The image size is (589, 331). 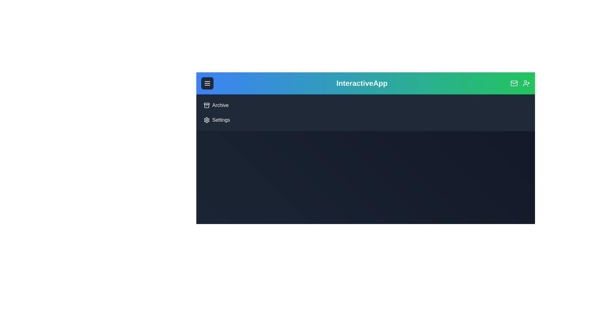 What do you see at coordinates (207, 83) in the screenshot?
I see `the menu button to toggle the navigation menu` at bounding box center [207, 83].